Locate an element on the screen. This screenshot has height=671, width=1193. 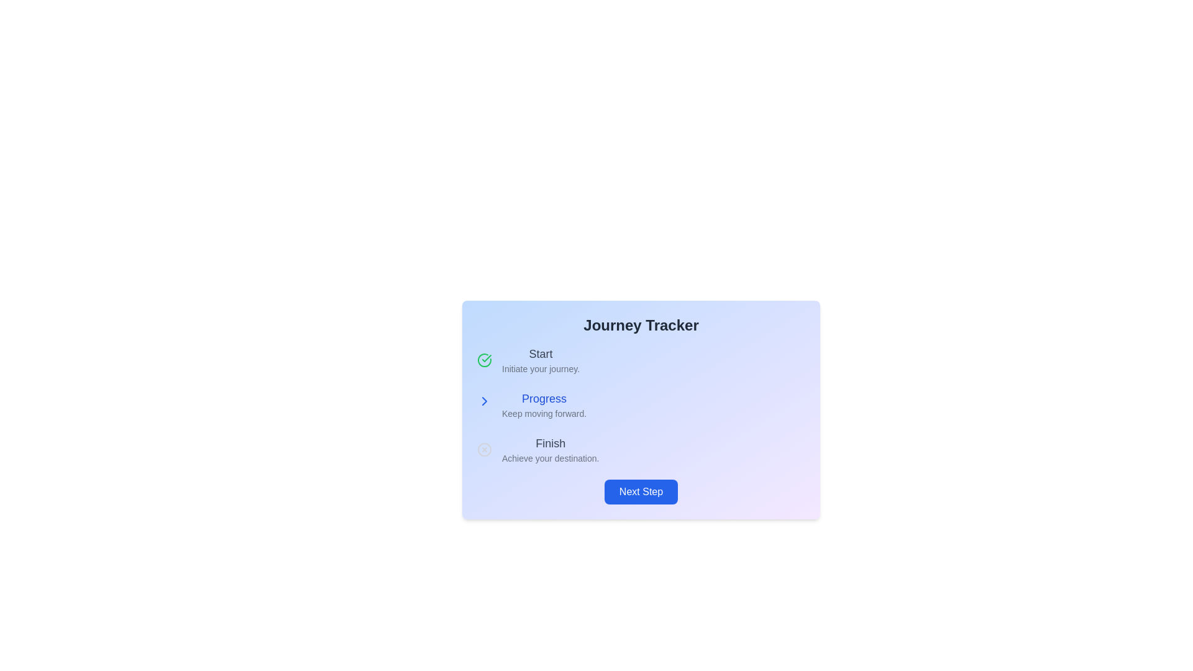
the text element displaying 'Keep moving forward.', which is styled with a small-sized, gray font and located directly below the 'Progress' text is located at coordinates (544, 414).